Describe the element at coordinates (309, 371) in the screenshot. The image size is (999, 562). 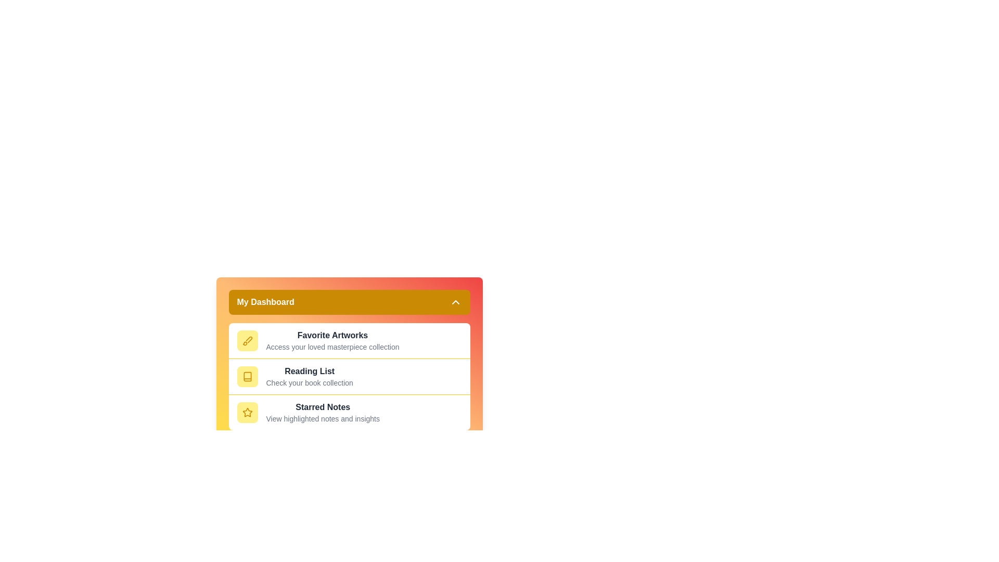
I see `the 'Reading List' text label located centrally below the 'Favorite Artworks' section` at that location.